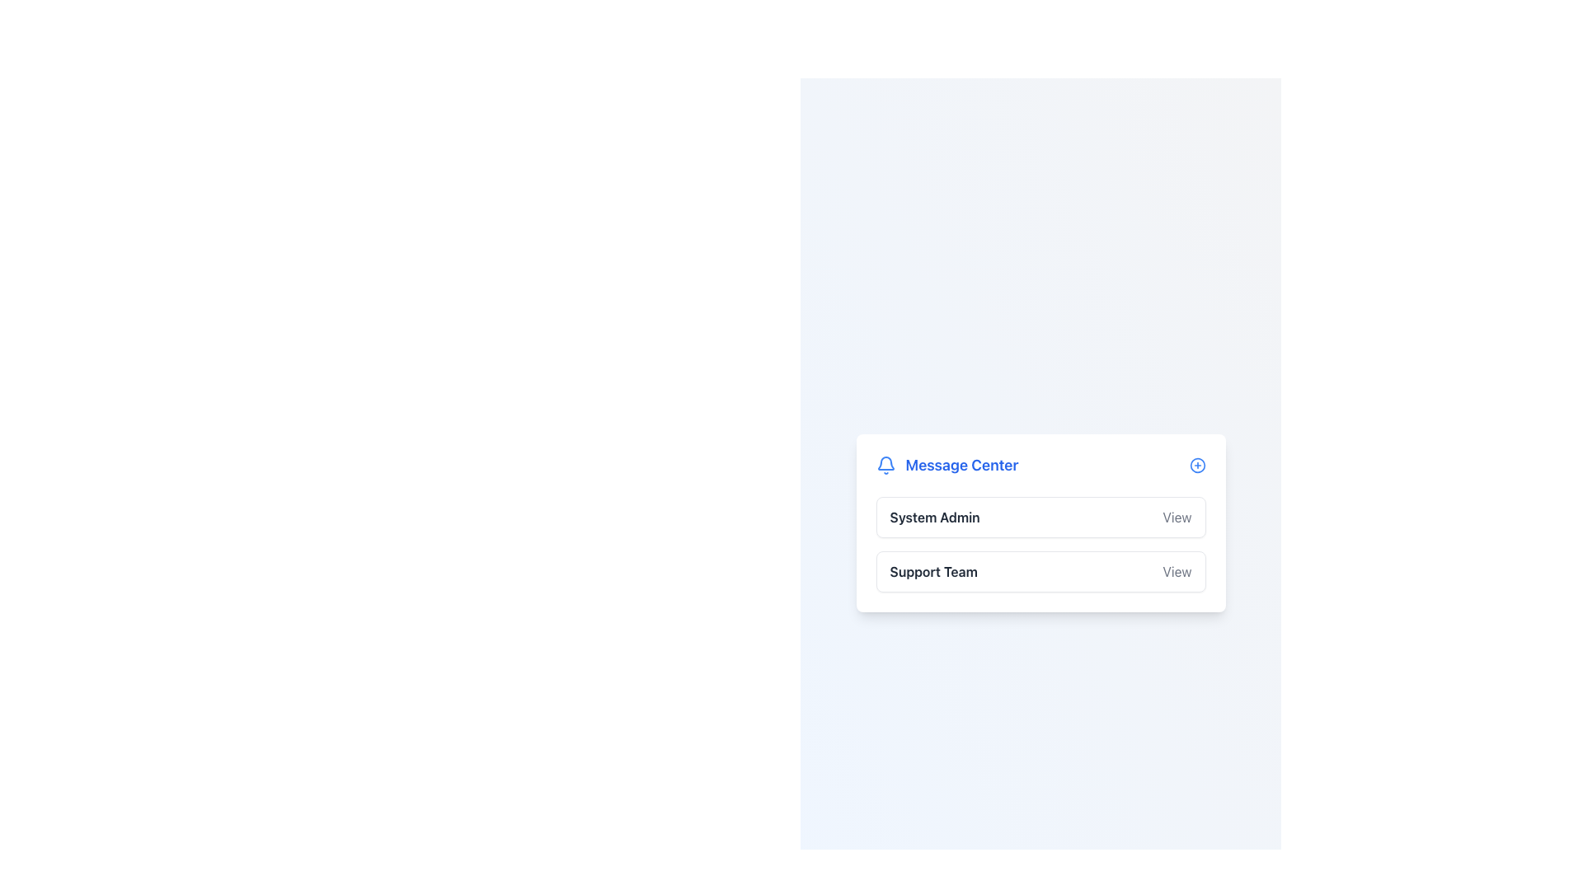 The width and height of the screenshot is (1583, 890). What do you see at coordinates (1175, 571) in the screenshot?
I see `the second 'View' button located at the far right of the second row in the 'Message Center' block` at bounding box center [1175, 571].